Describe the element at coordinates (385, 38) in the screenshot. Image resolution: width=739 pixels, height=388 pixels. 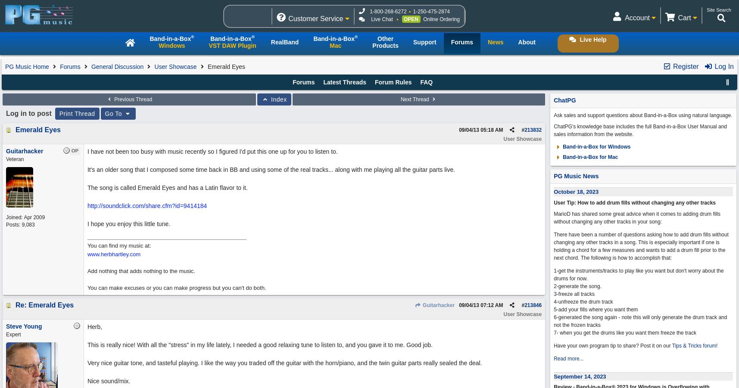
I see `'Other'` at that location.